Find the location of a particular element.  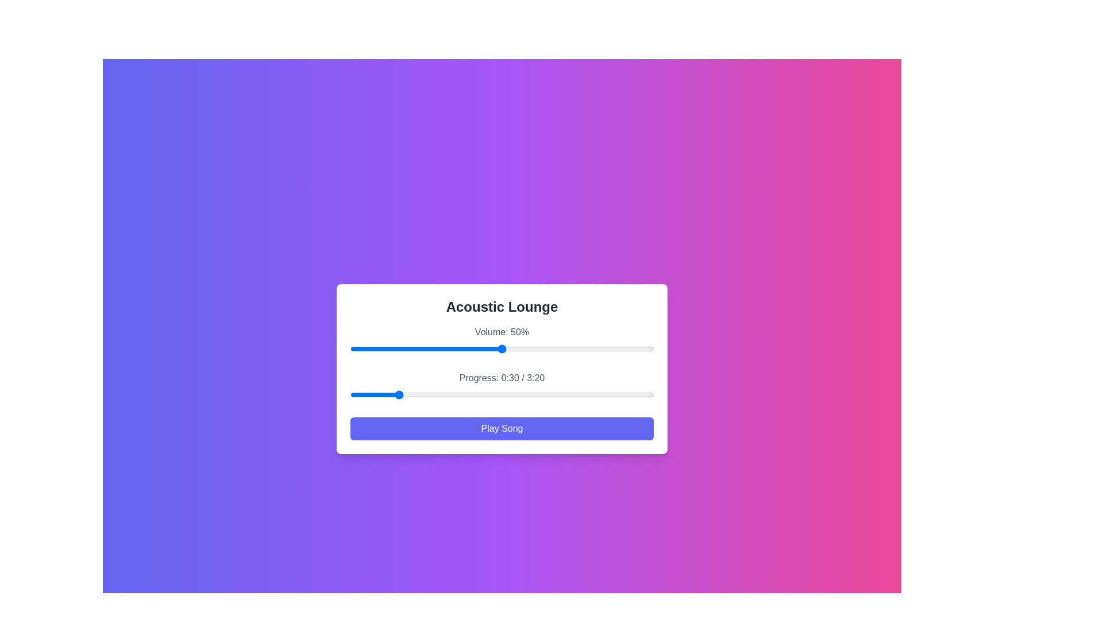

the volume to 88% by interacting with the slider is located at coordinates (616, 348).